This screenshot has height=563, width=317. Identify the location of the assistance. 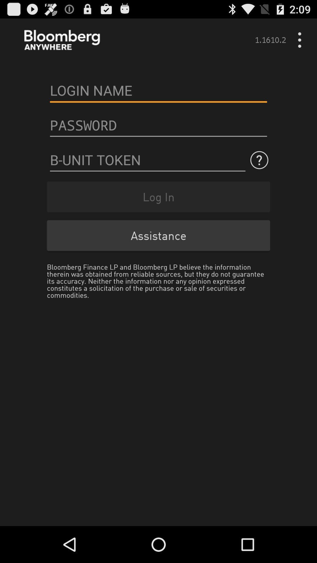
(158, 235).